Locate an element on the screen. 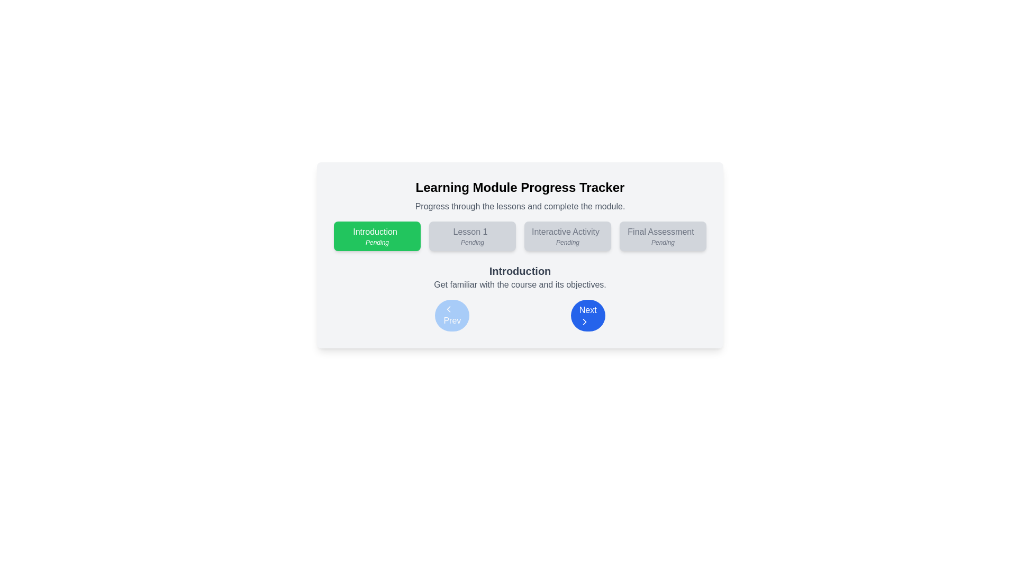 The image size is (1016, 571). the static text paragraph displayed in a smaller, lighter gray font, located immediately below the 'Introduction' heading is located at coordinates (520, 284).